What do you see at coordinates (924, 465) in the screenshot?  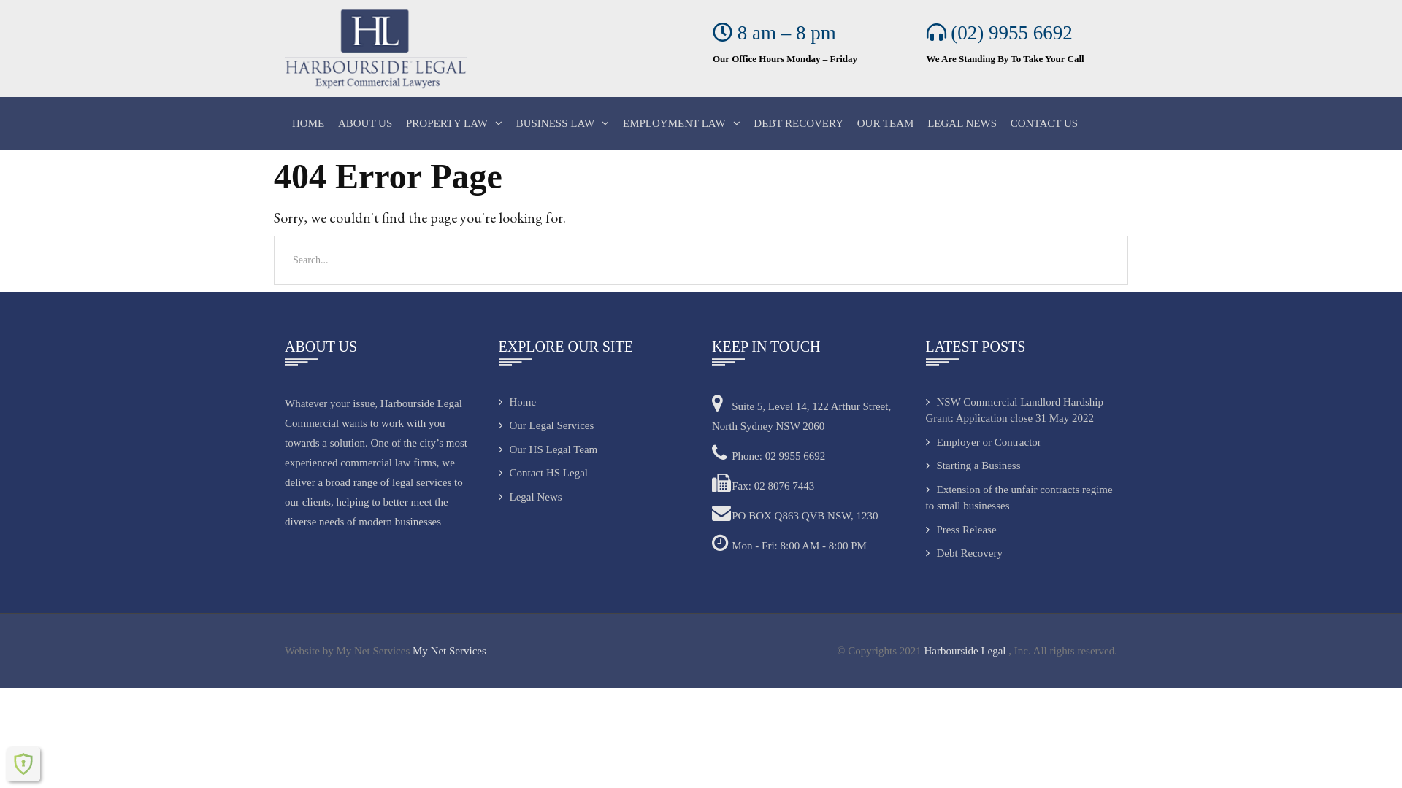 I see `'Starting a Business'` at bounding box center [924, 465].